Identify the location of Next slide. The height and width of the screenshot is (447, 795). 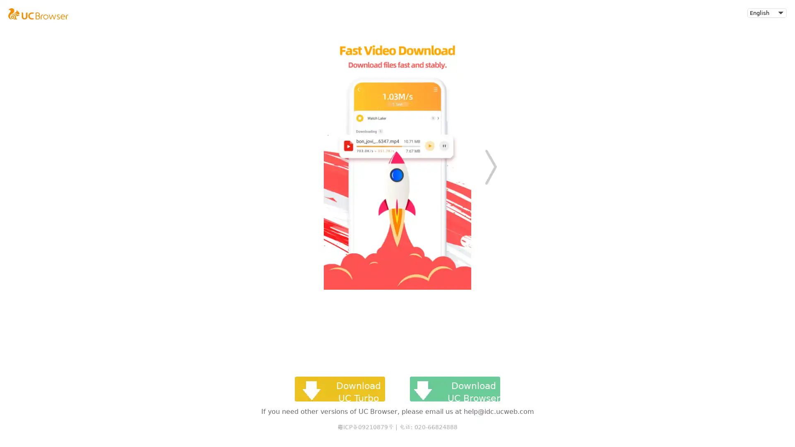
(491, 167).